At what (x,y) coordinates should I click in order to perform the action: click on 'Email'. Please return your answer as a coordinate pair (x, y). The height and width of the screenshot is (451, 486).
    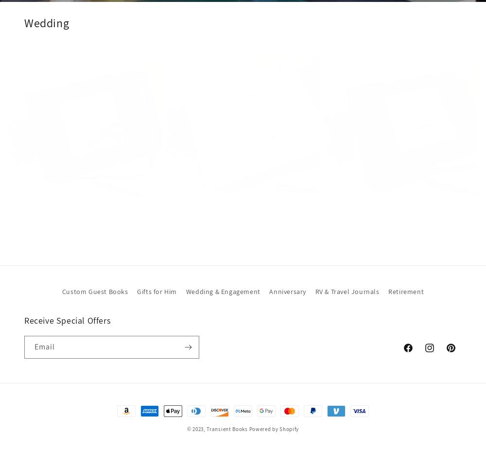
    Looking at the image, I should click on (44, 346).